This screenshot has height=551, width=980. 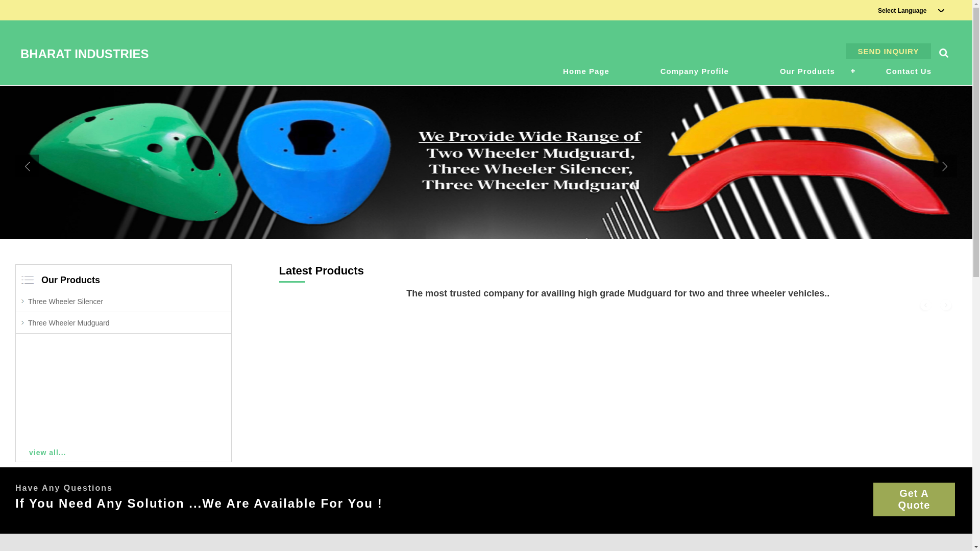 I want to click on 'Get A Quote', so click(x=914, y=499).